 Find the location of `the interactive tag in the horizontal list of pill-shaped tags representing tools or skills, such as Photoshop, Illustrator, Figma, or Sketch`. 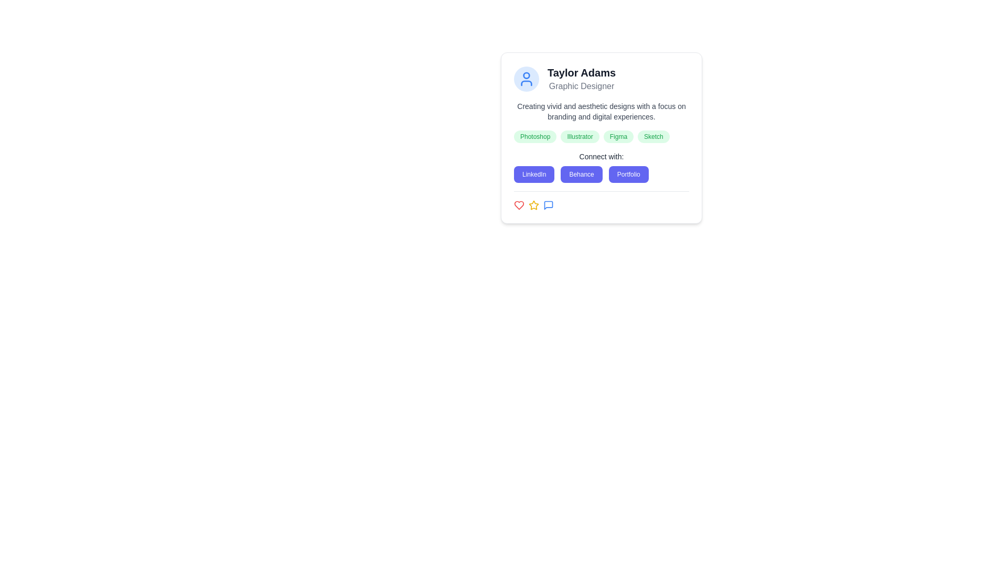

the interactive tag in the horizontal list of pill-shaped tags representing tools or skills, such as Photoshop, Illustrator, Figma, or Sketch is located at coordinates (602, 136).